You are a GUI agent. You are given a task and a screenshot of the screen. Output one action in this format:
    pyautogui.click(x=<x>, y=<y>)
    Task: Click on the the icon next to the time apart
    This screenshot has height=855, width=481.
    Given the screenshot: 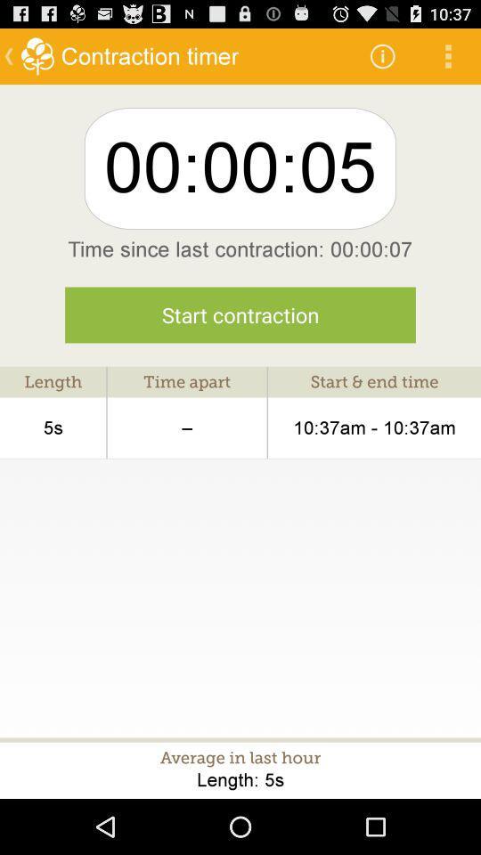 What is the action you would take?
    pyautogui.click(x=373, y=427)
    